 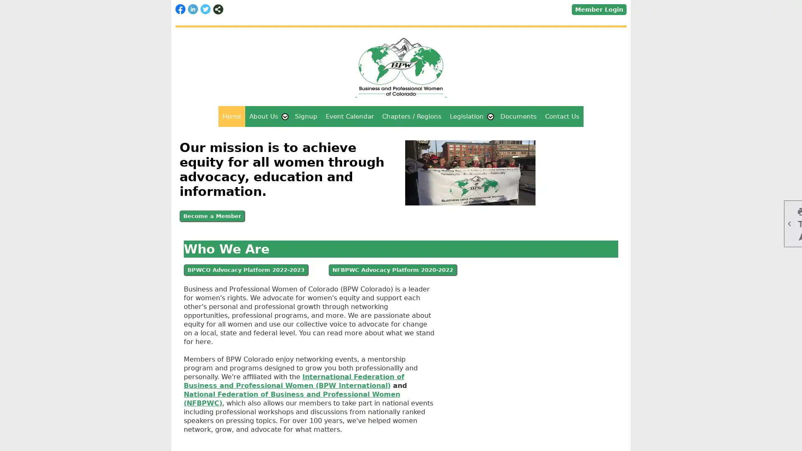 I want to click on Legislation, so click(x=471, y=116).